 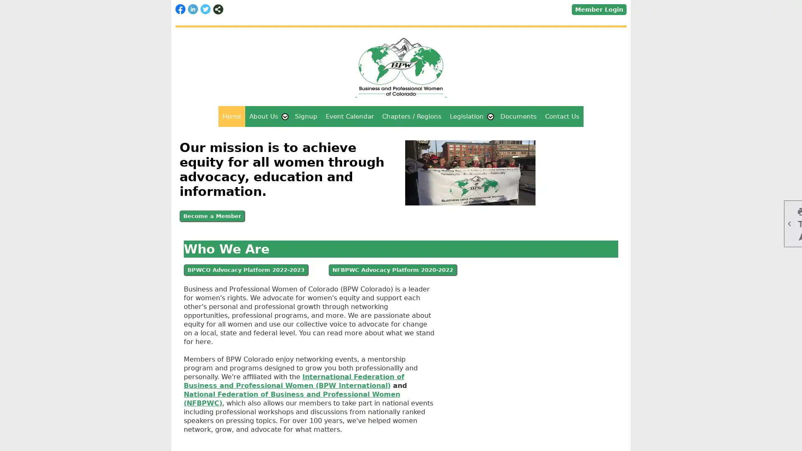 I want to click on Legislation, so click(x=471, y=116).